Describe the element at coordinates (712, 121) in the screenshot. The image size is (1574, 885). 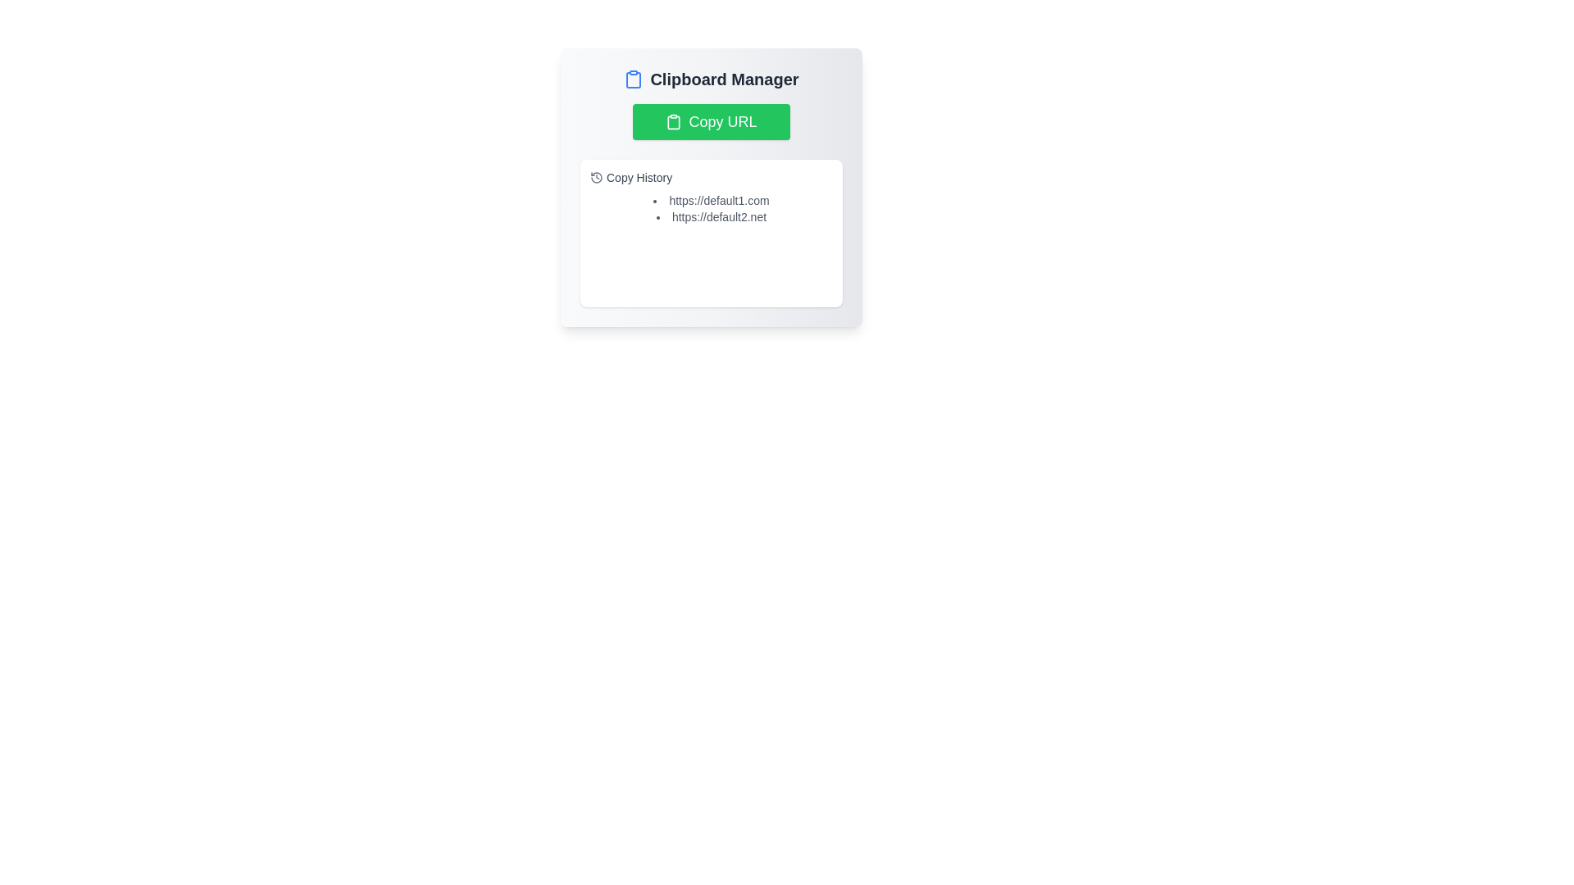
I see `the green rectangular button labeled 'Copy URL' with a white clipboard icon, located below the 'Clipboard Manager' title` at that location.